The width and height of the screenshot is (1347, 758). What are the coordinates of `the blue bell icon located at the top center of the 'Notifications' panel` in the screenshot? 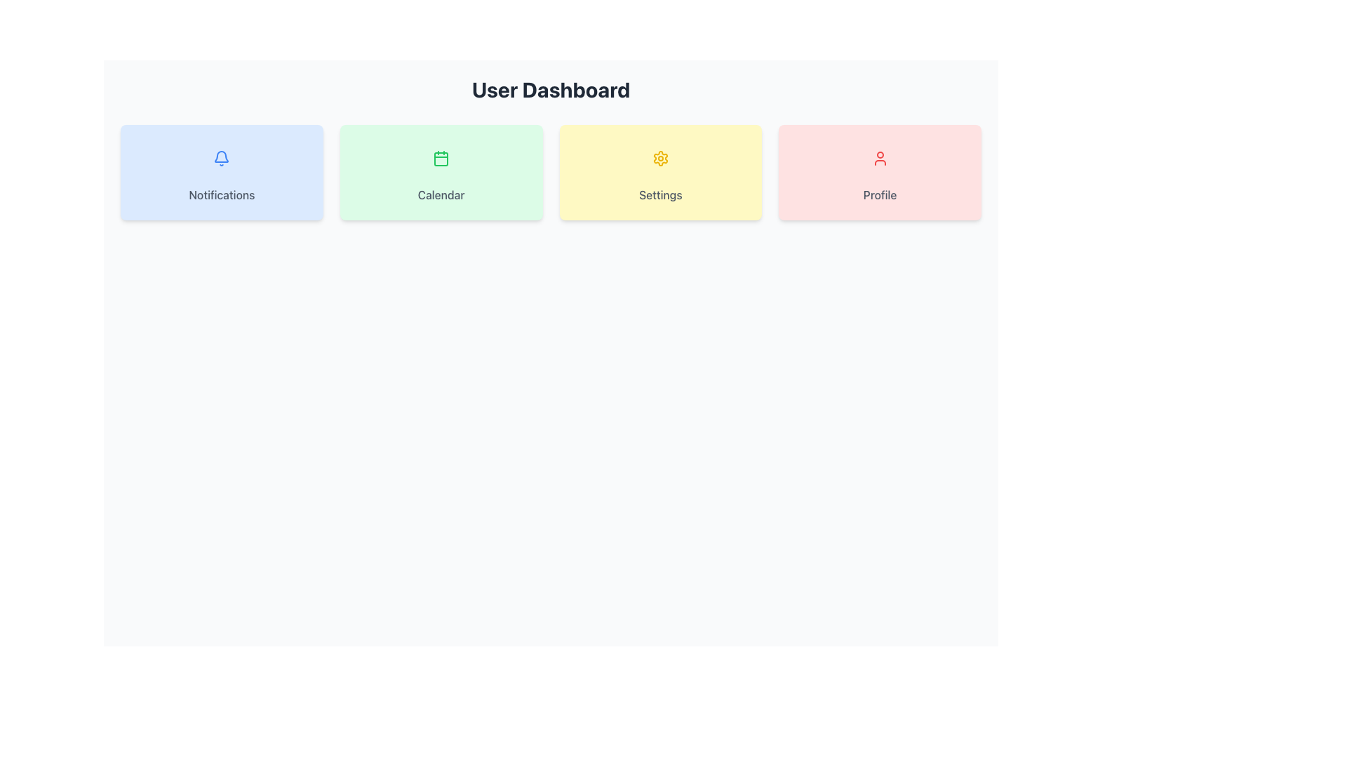 It's located at (221, 158).